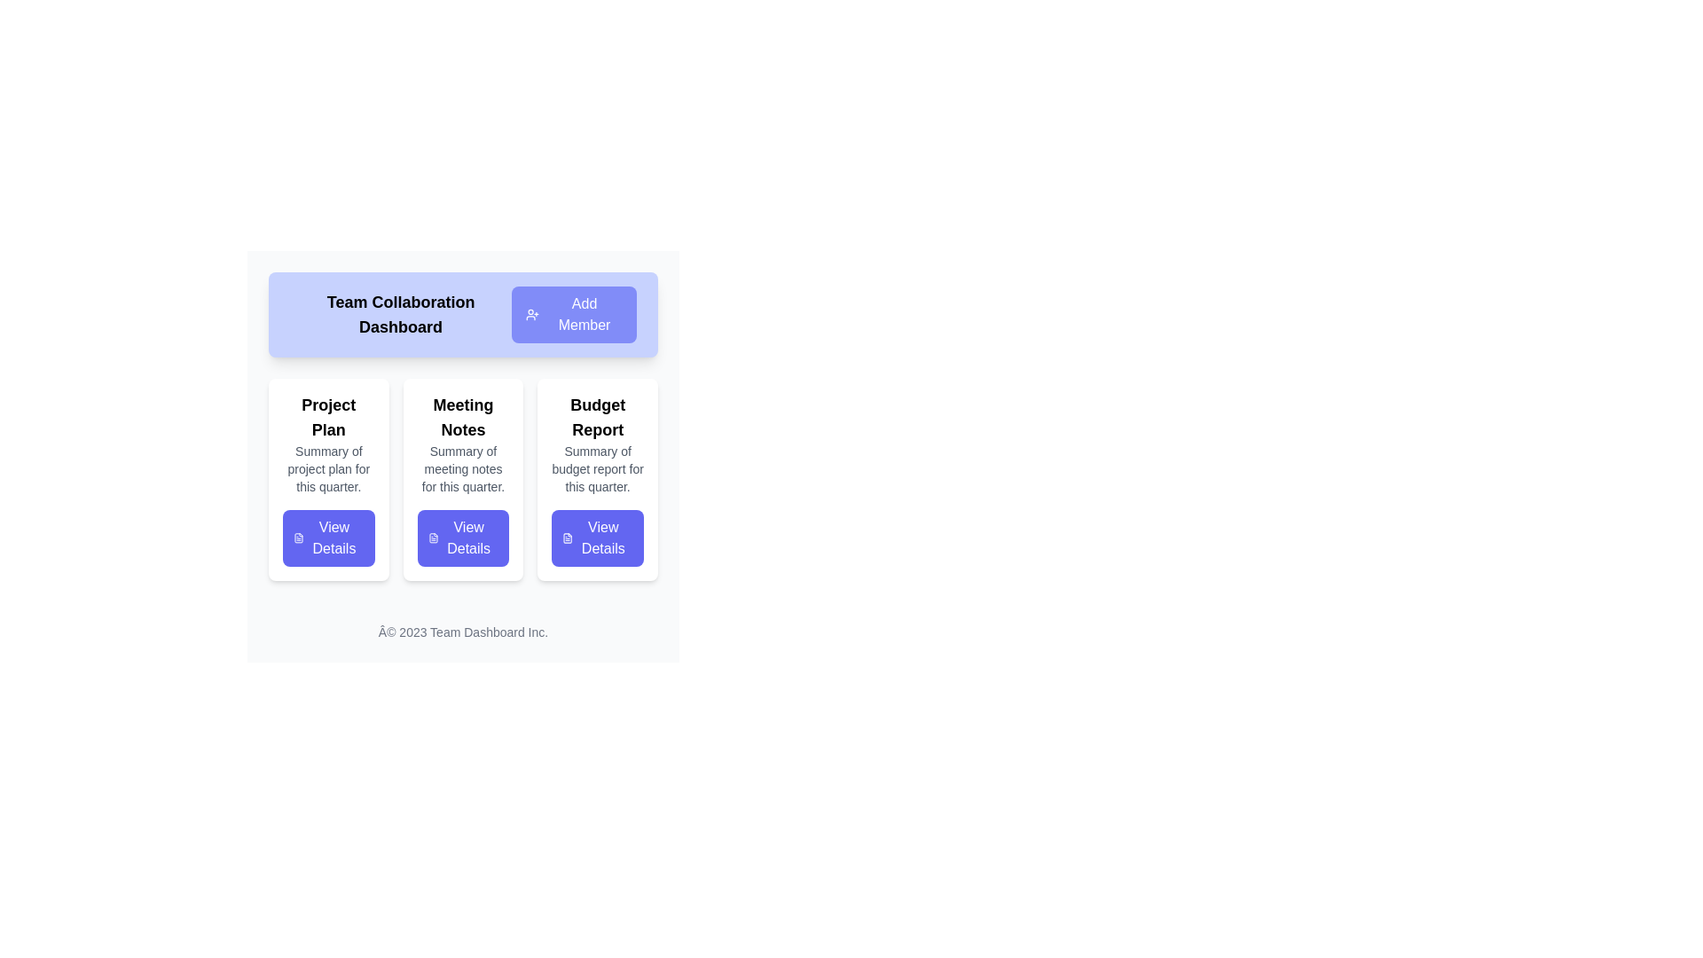  I want to click on the 'View Details' button that contains the outlined text-based file icon located beneath the 'Budget Report' card in the third column, so click(568, 537).